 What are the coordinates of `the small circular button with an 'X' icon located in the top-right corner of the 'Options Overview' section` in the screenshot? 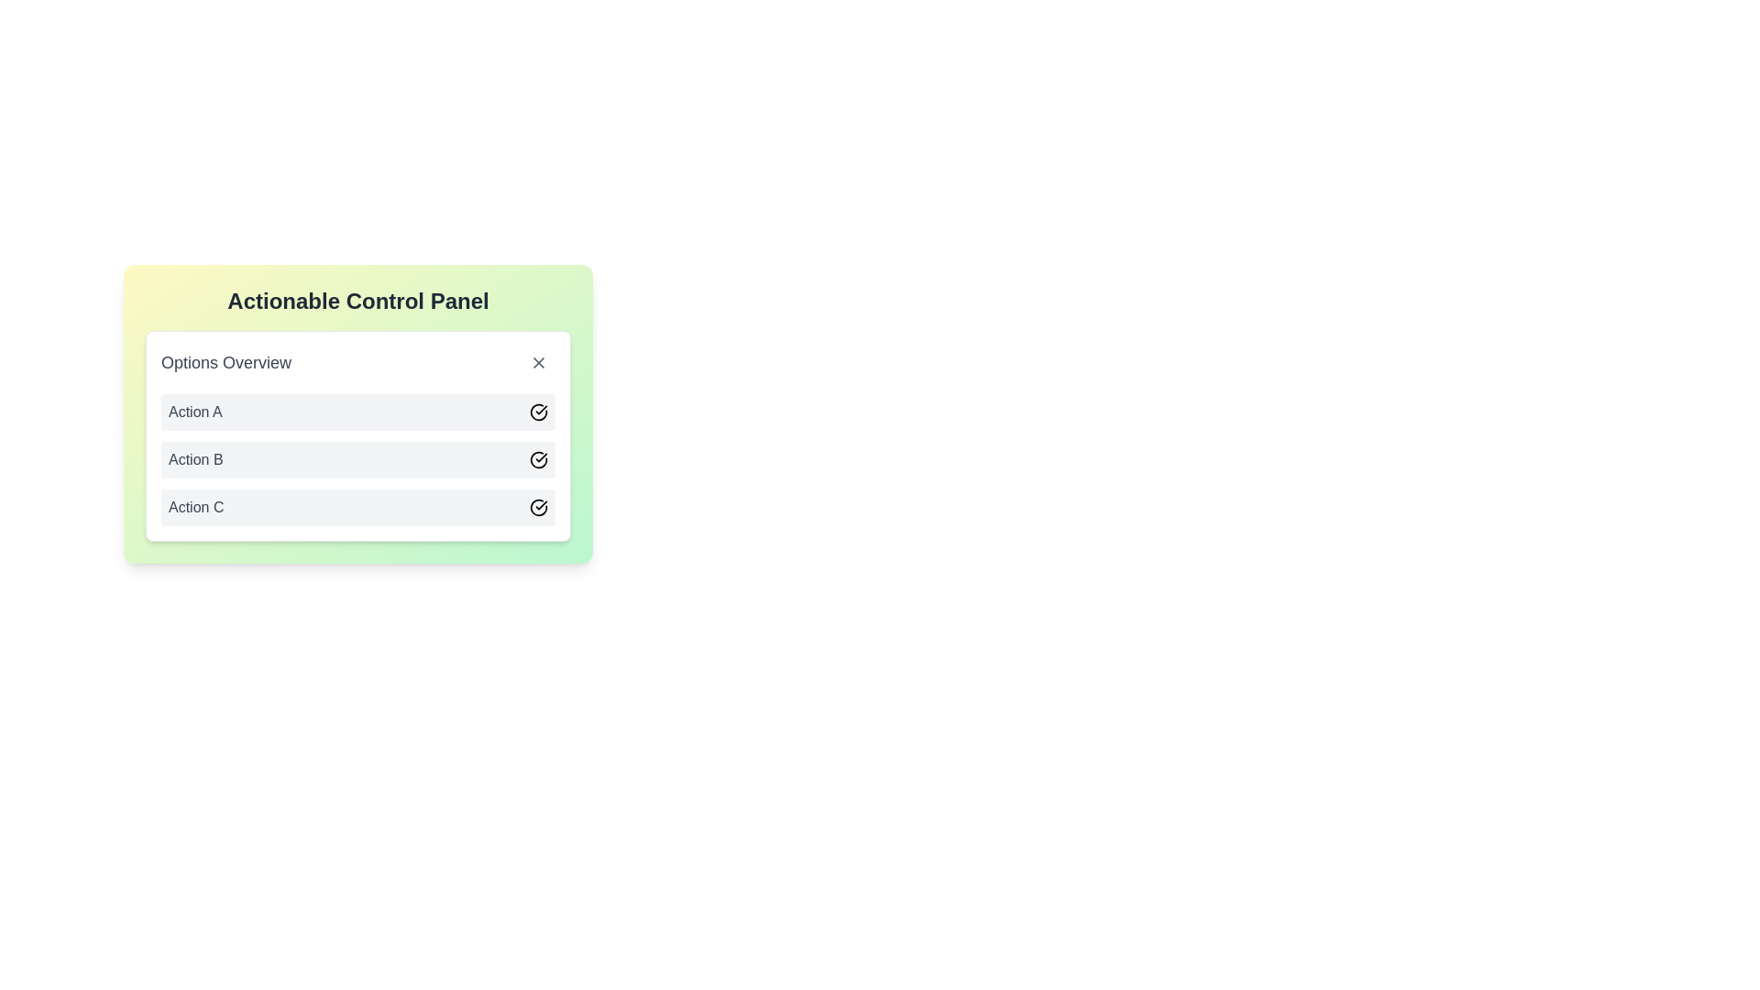 It's located at (538, 363).